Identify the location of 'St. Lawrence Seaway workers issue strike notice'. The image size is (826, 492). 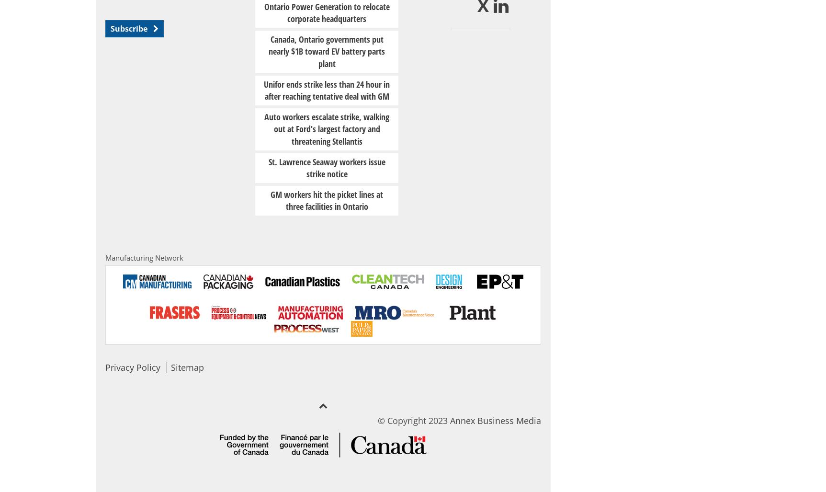
(327, 167).